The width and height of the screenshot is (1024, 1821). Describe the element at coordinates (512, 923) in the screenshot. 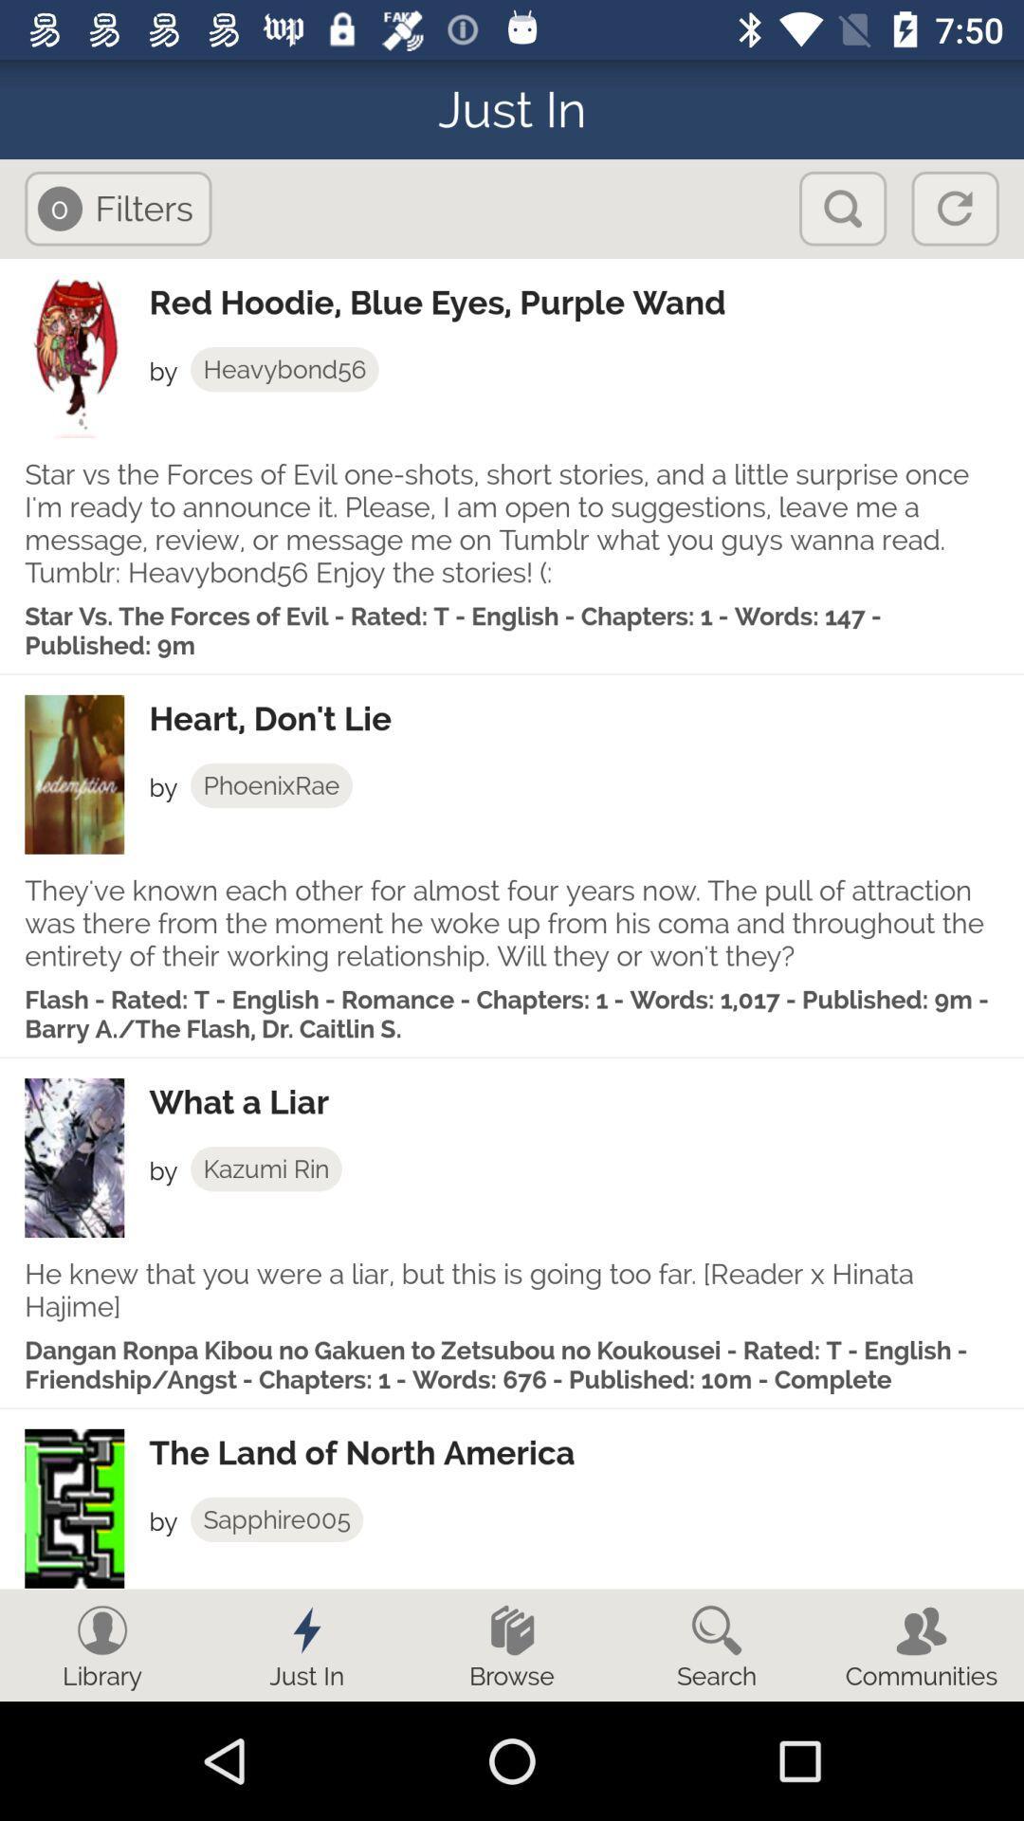

I see `they ve known` at that location.